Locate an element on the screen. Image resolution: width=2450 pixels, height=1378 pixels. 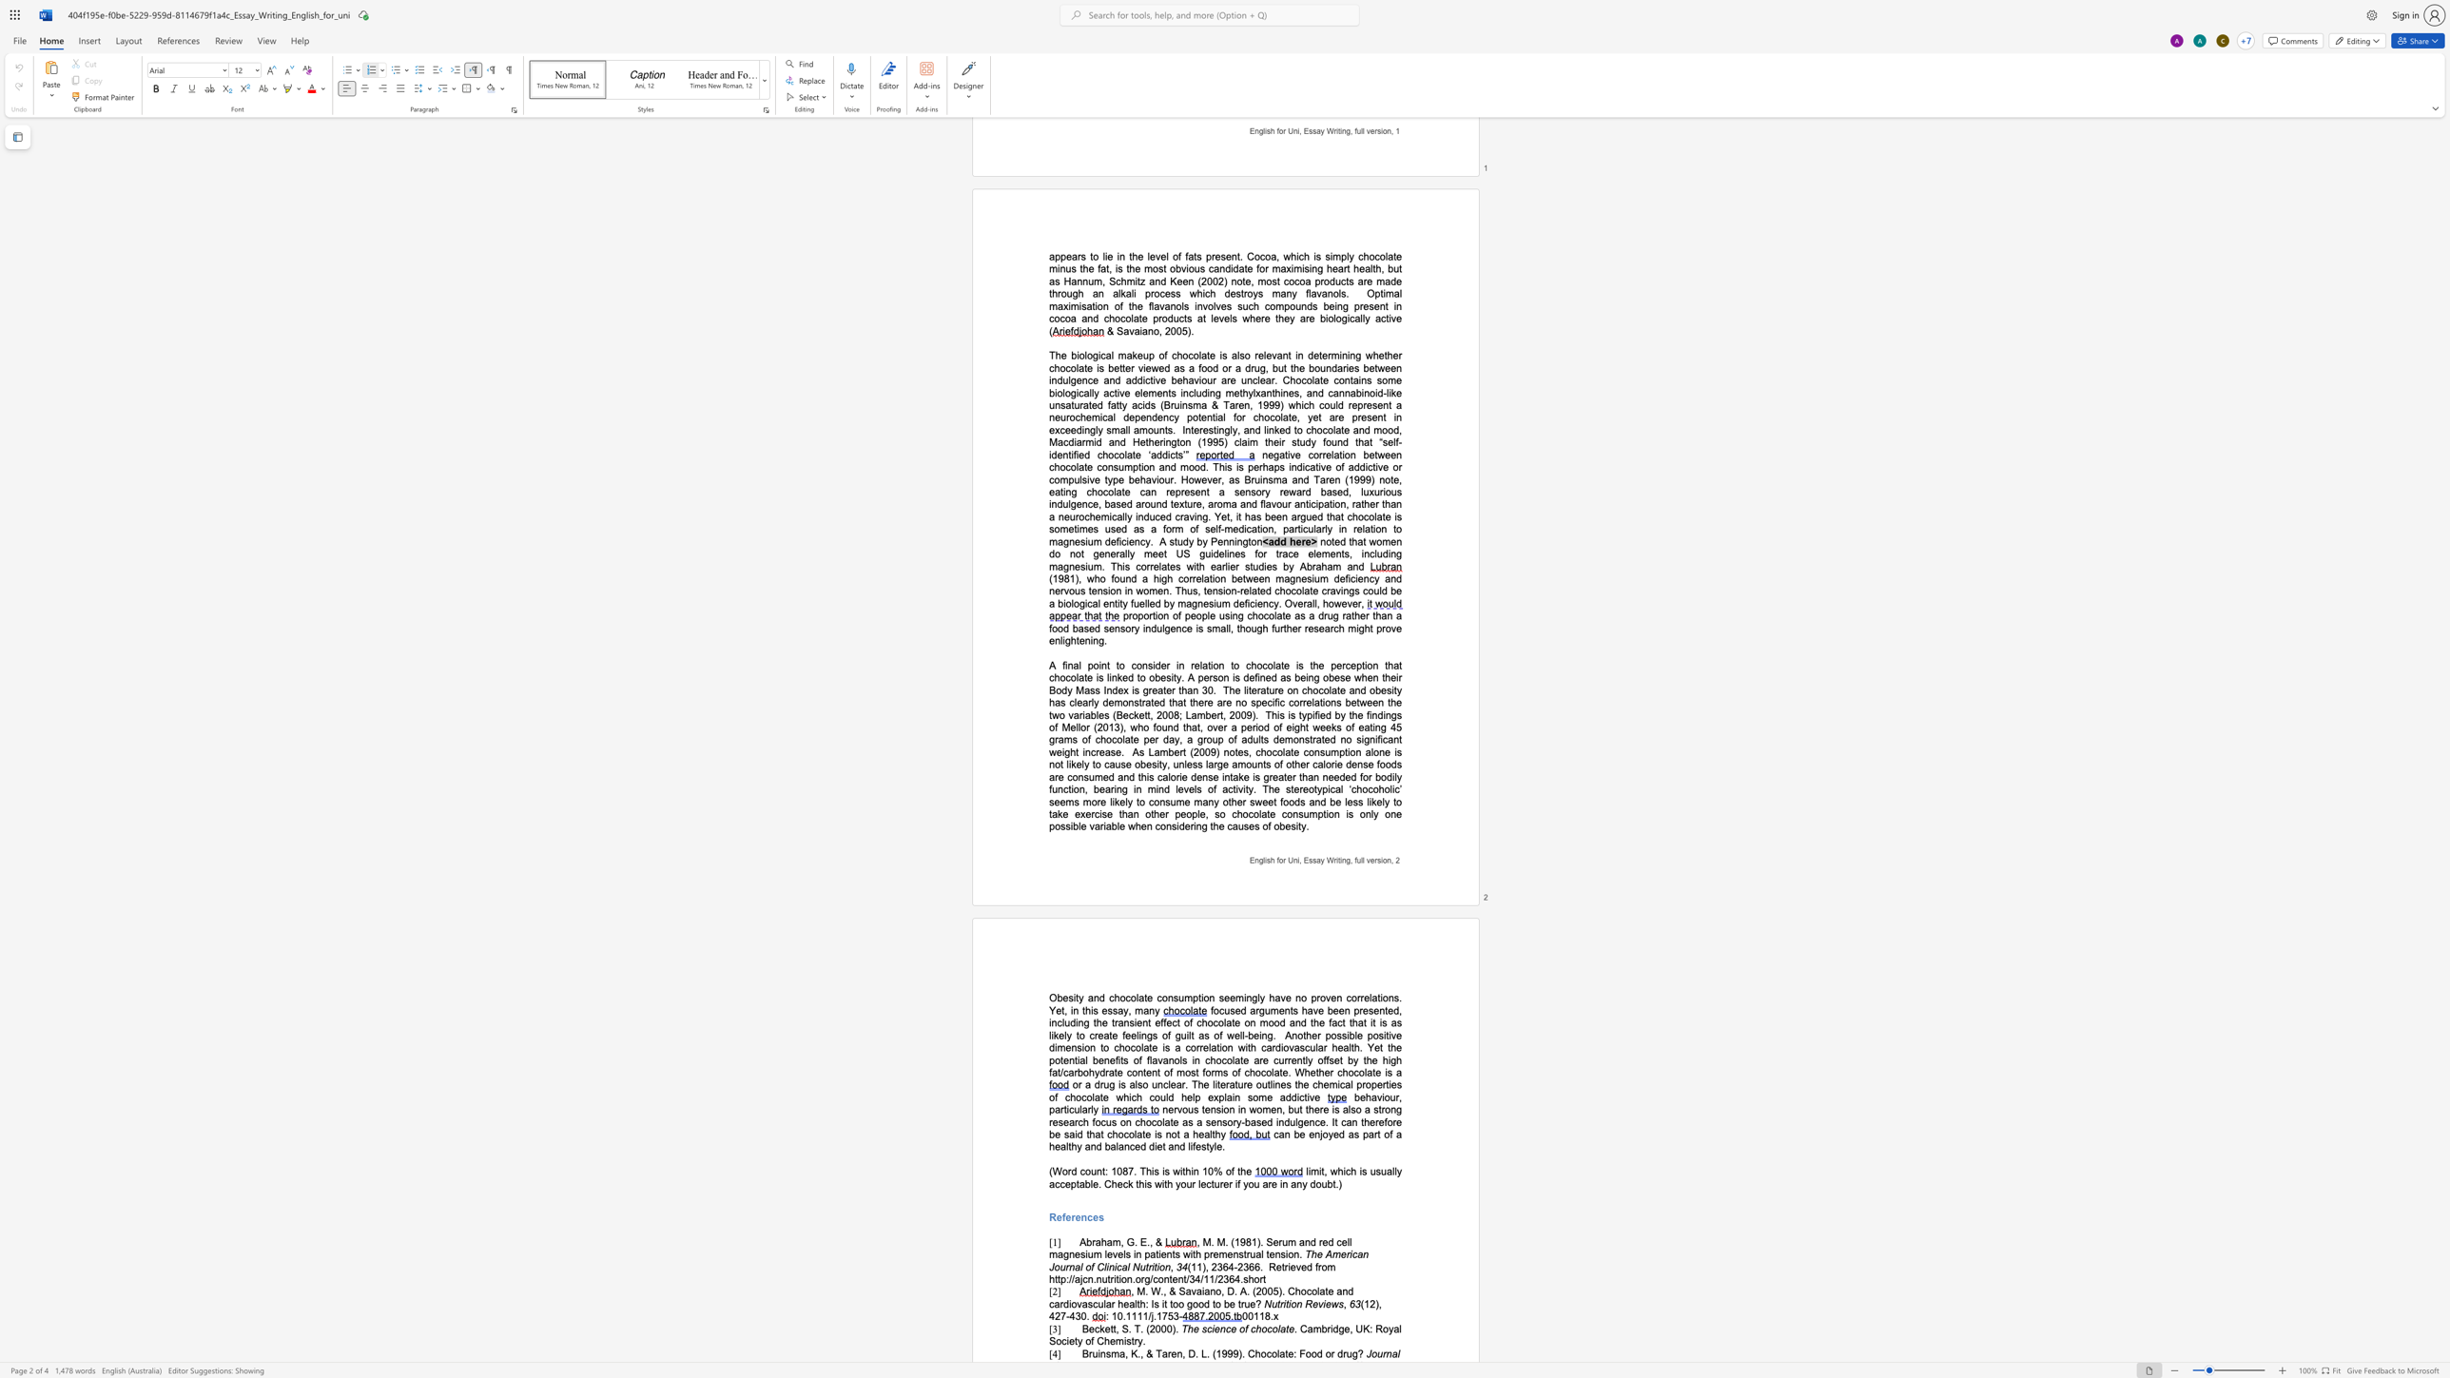
the space between the continuous character "e" and "v" in the text is located at coordinates (1316, 1303).